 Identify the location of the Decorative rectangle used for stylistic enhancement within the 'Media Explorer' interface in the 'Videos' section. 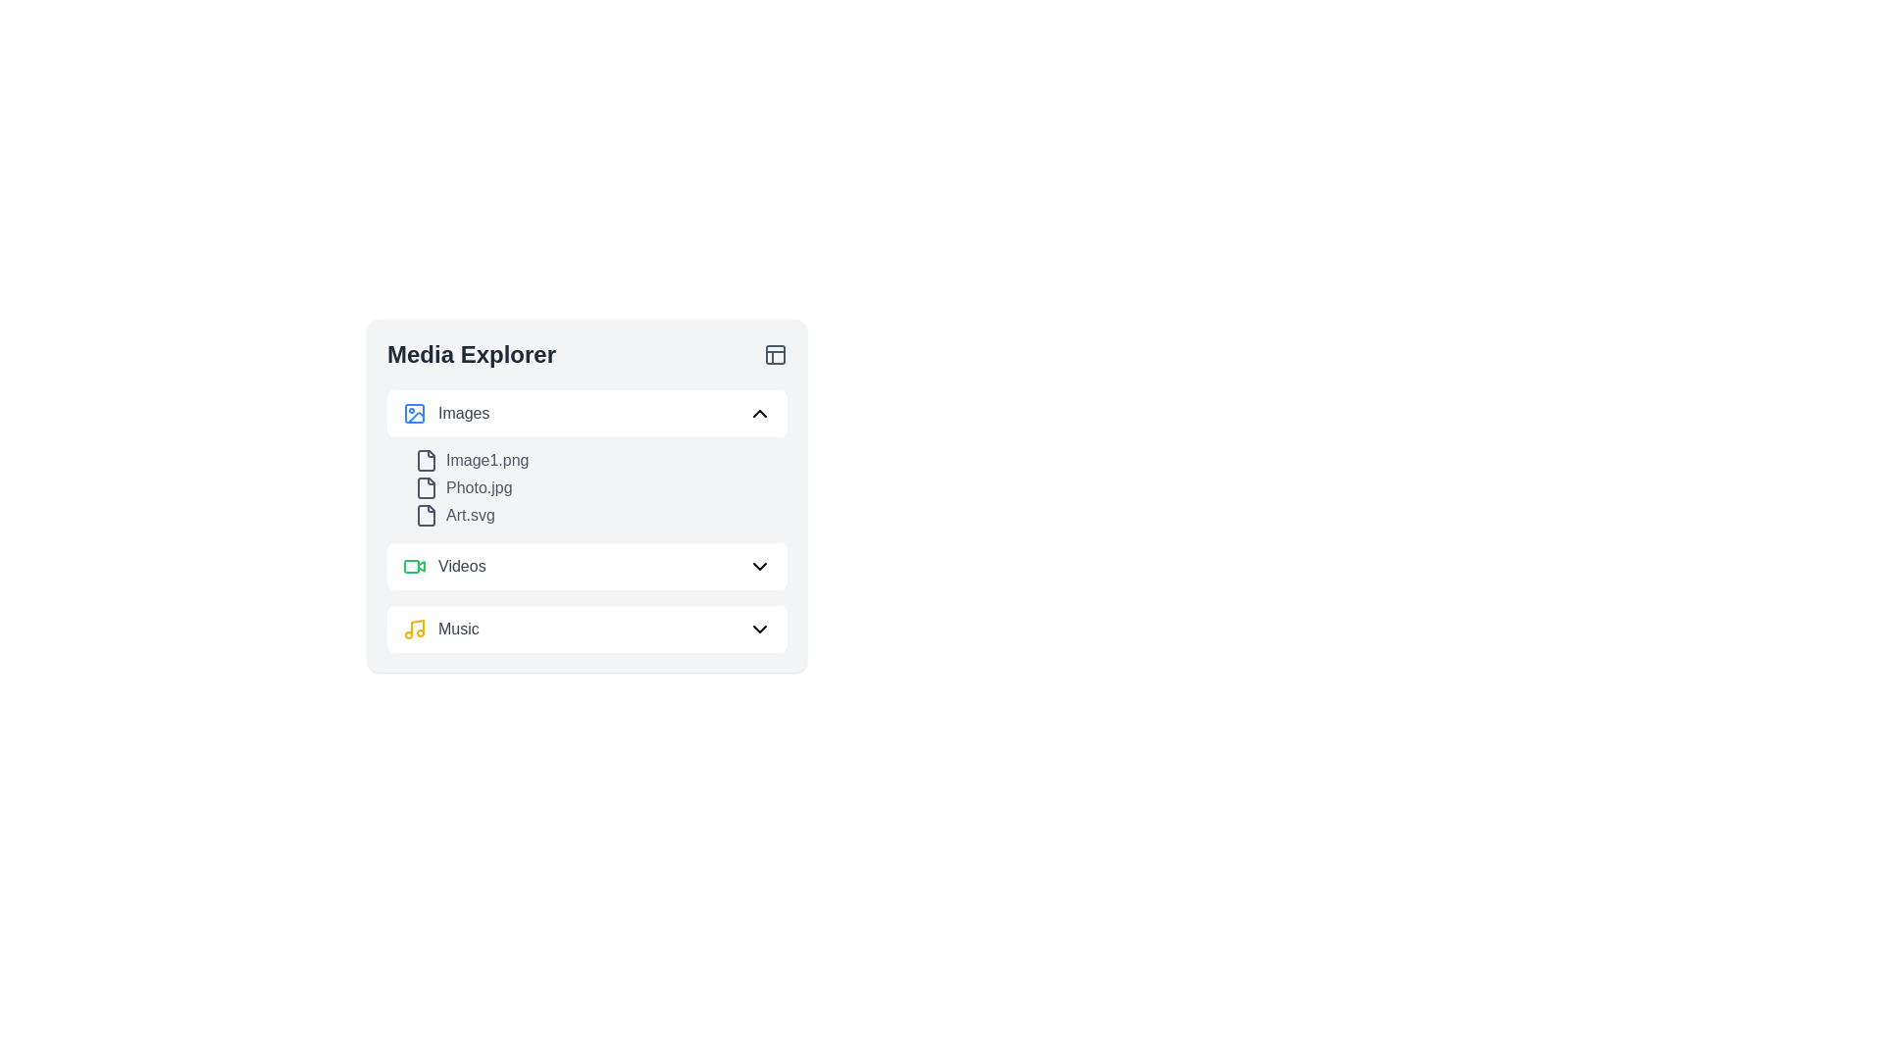
(411, 567).